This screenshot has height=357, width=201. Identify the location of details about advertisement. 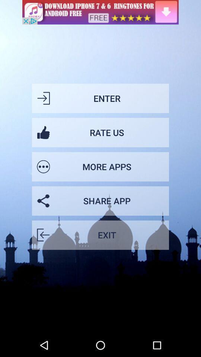
(100, 12).